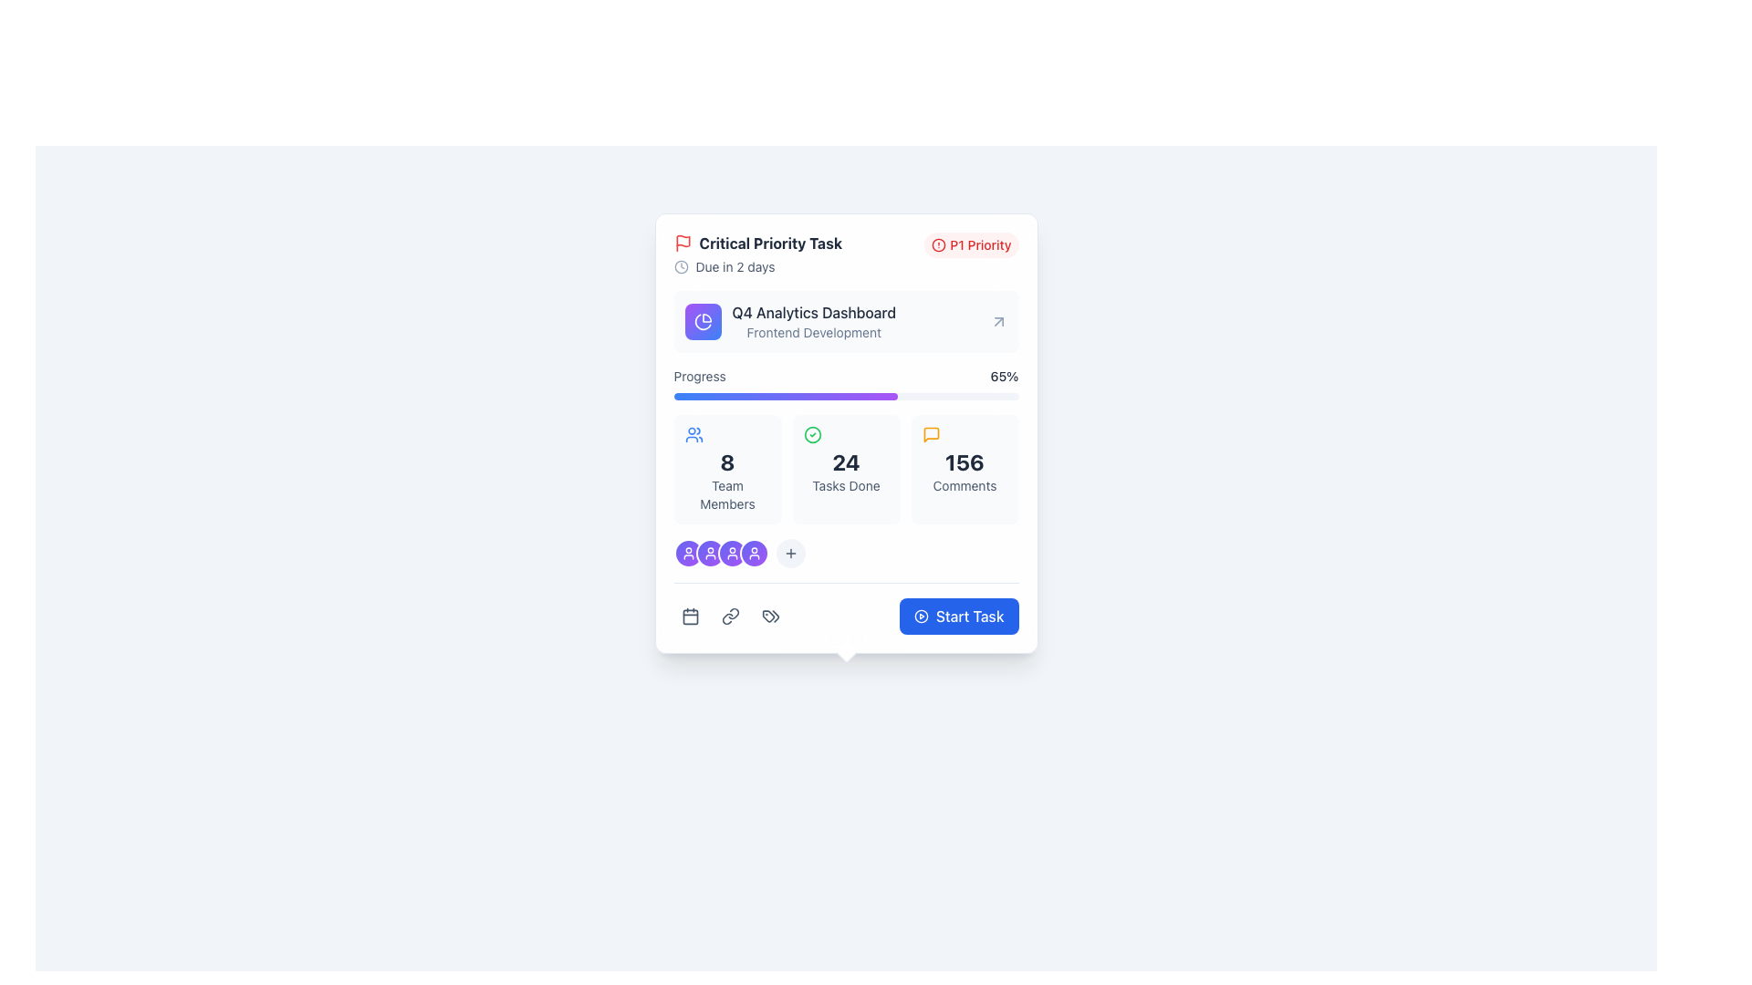 The width and height of the screenshot is (1752, 985). What do you see at coordinates (786, 396) in the screenshot?
I see `the horizontal gradient progress bar with rounded ends located in the 'Critical Priority Task' card layout, just above the metrics` at bounding box center [786, 396].